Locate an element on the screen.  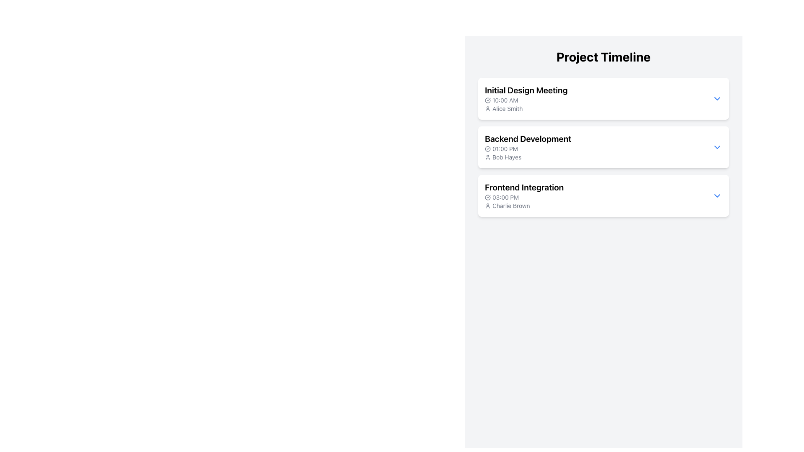
the Text Label displaying the title of the schedule entry at the bottom of the timeline, which is the third card in the list and followed by the timestamp '03:00 PM' and the name 'Charlie Brown.' is located at coordinates (524, 187).